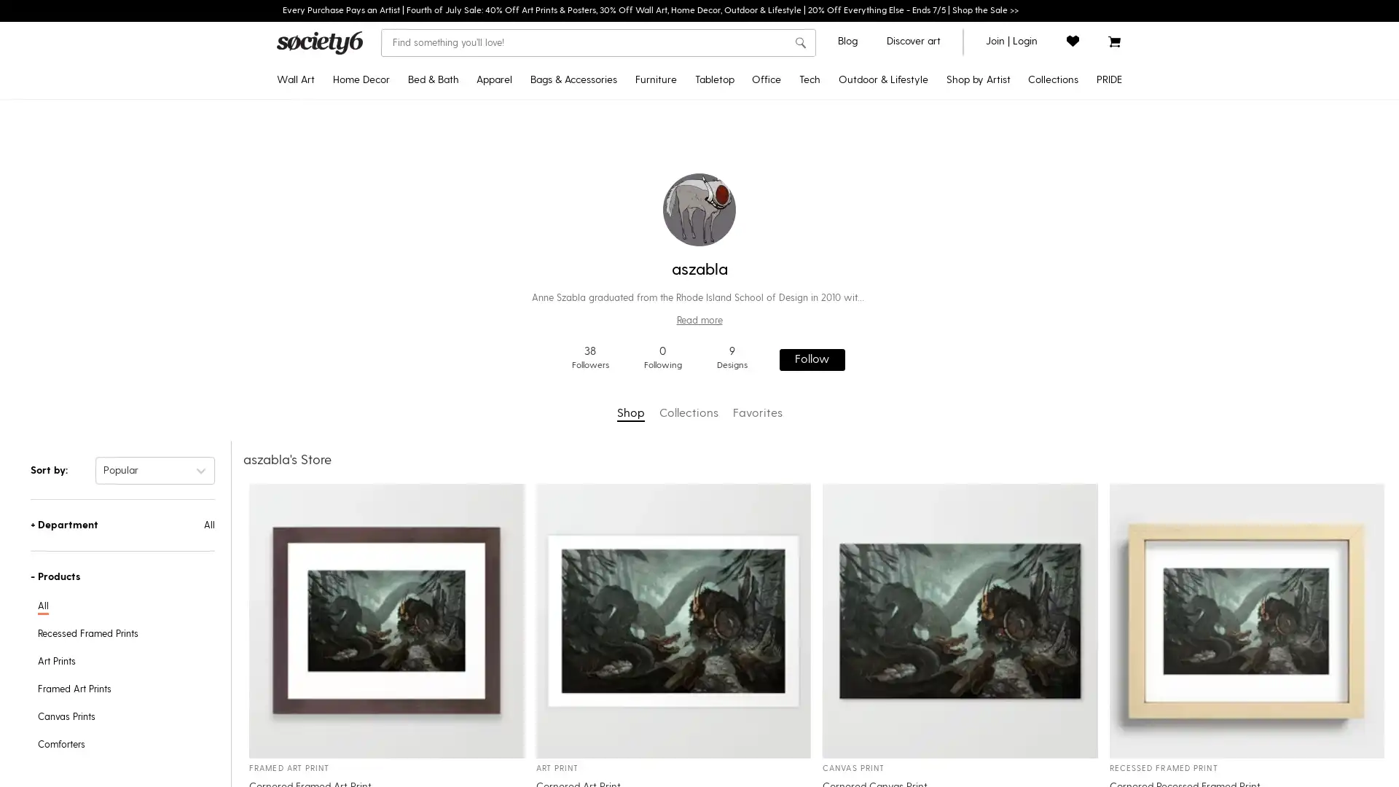 The image size is (1399, 787). What do you see at coordinates (741, 117) in the screenshot?
I see `Coffee Mugs` at bounding box center [741, 117].